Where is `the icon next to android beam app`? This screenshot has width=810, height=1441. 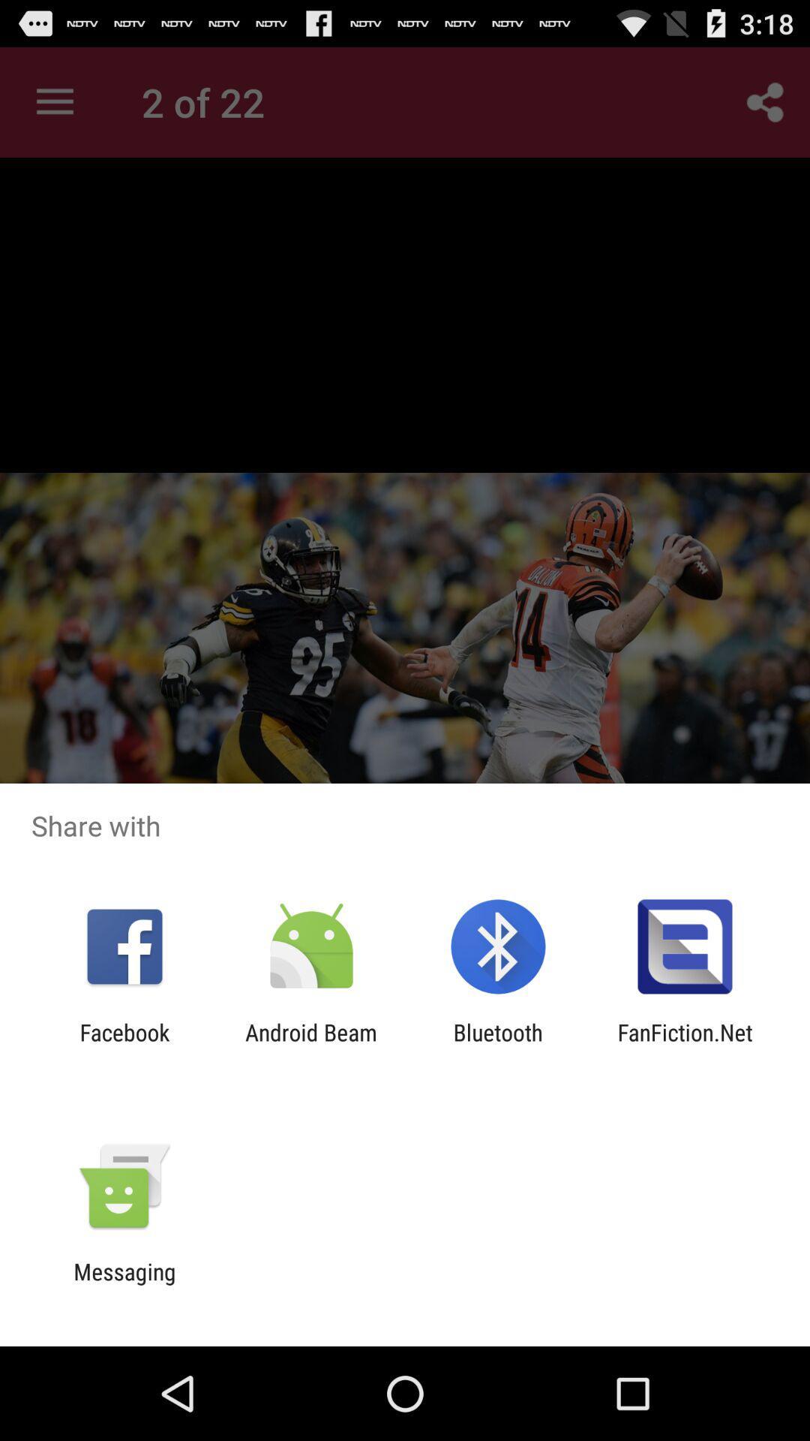 the icon next to android beam app is located at coordinates (498, 1045).